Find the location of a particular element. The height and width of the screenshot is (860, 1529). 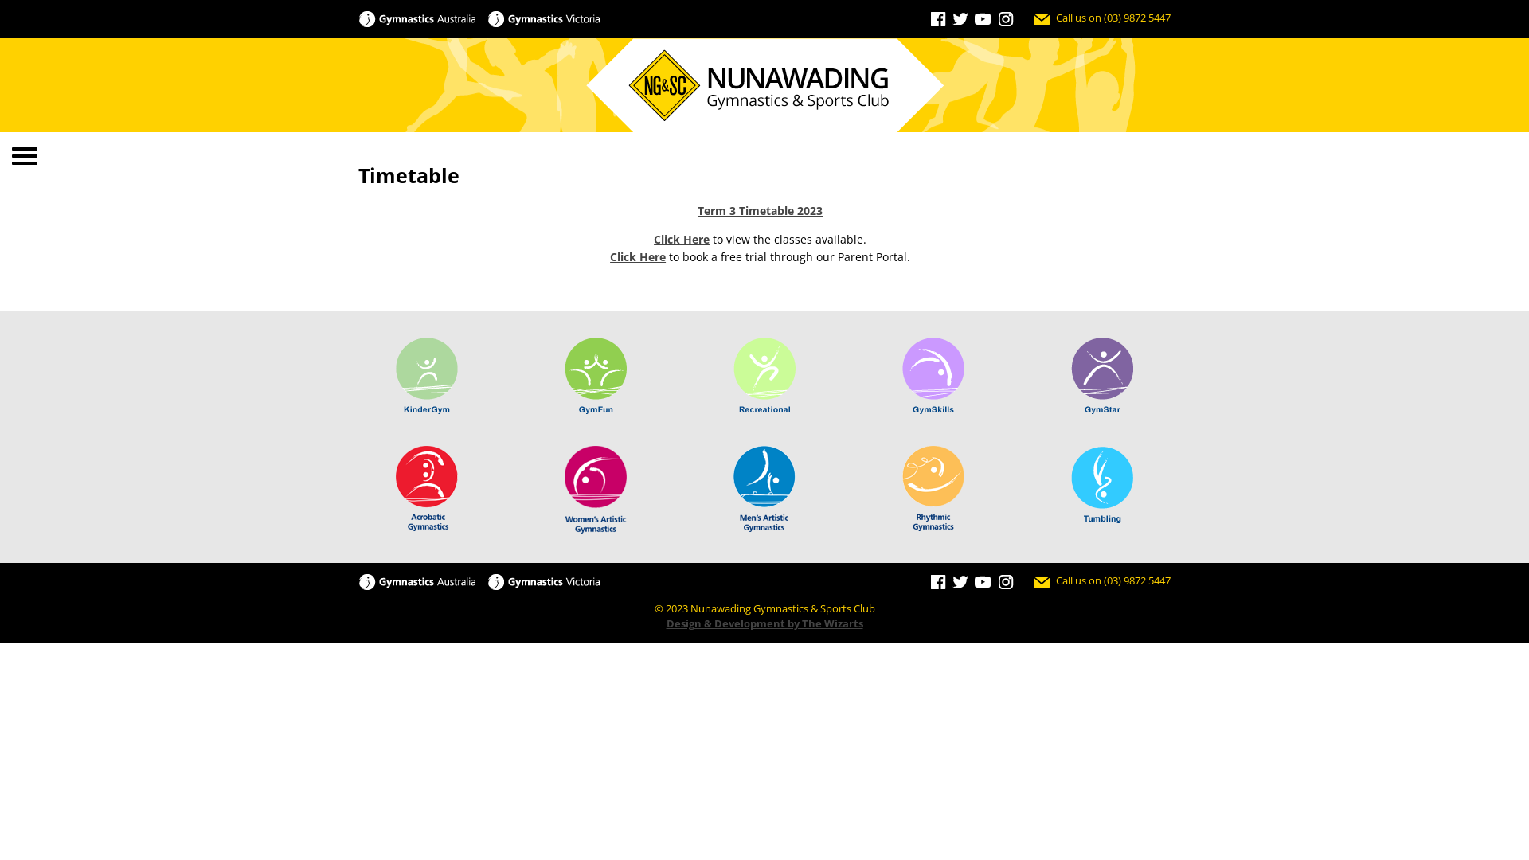

'Term 3 Timetable 2023' is located at coordinates (697, 209).